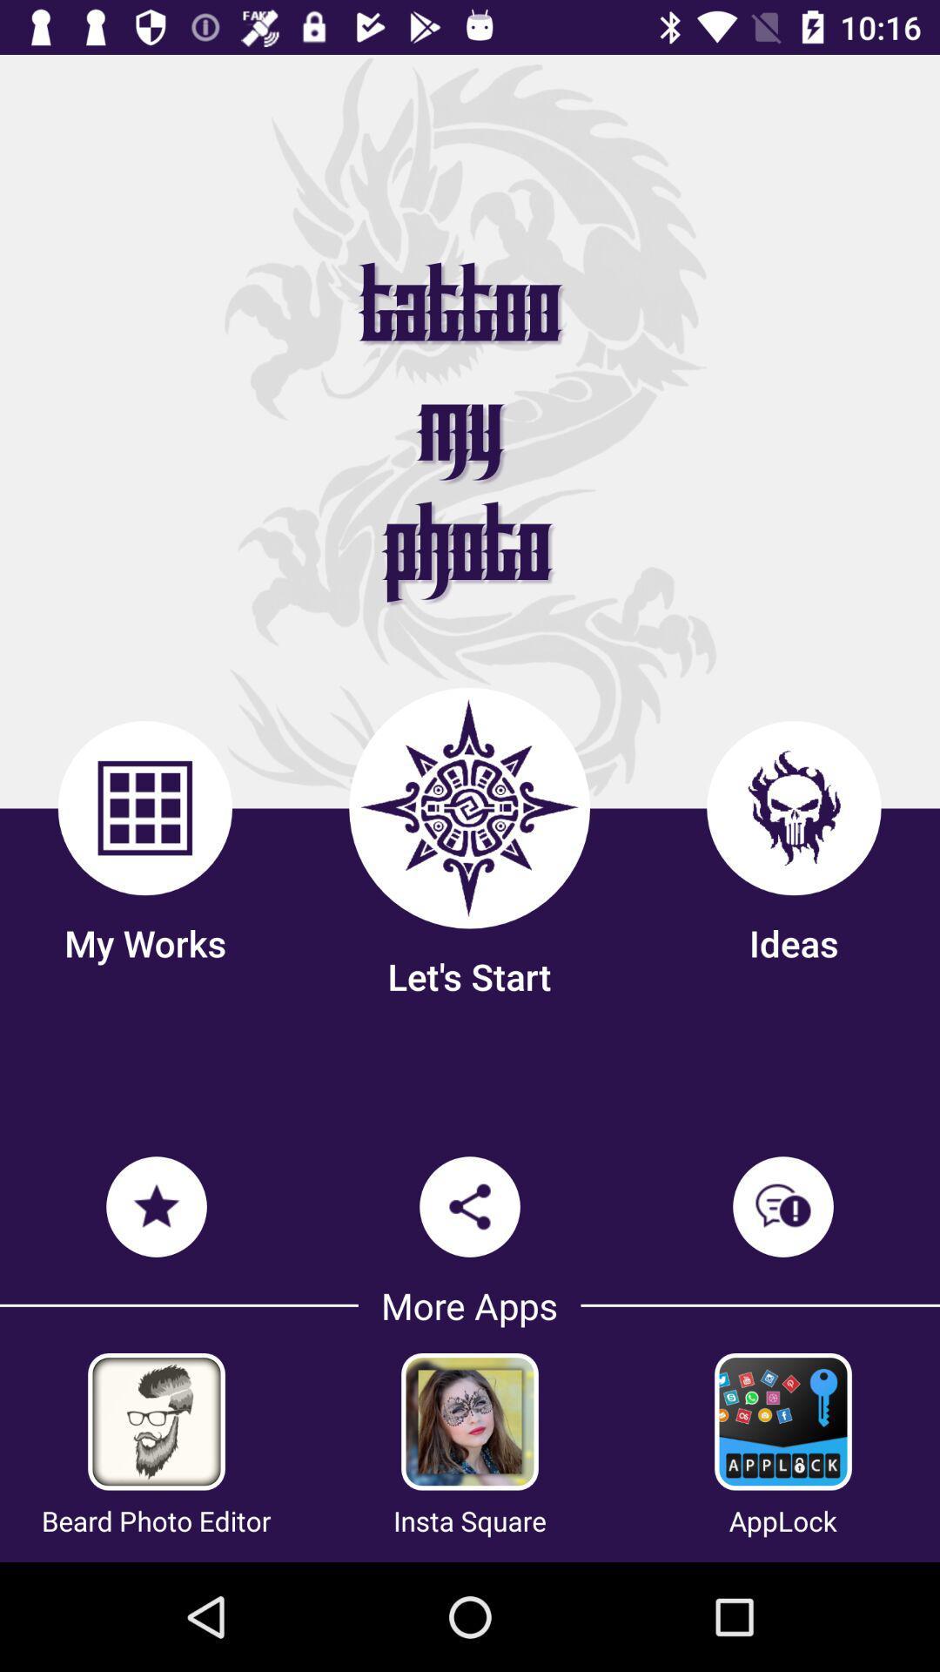 Image resolution: width=940 pixels, height=1672 pixels. What do you see at coordinates (157, 1421) in the screenshot?
I see `get bear photo editor app` at bounding box center [157, 1421].